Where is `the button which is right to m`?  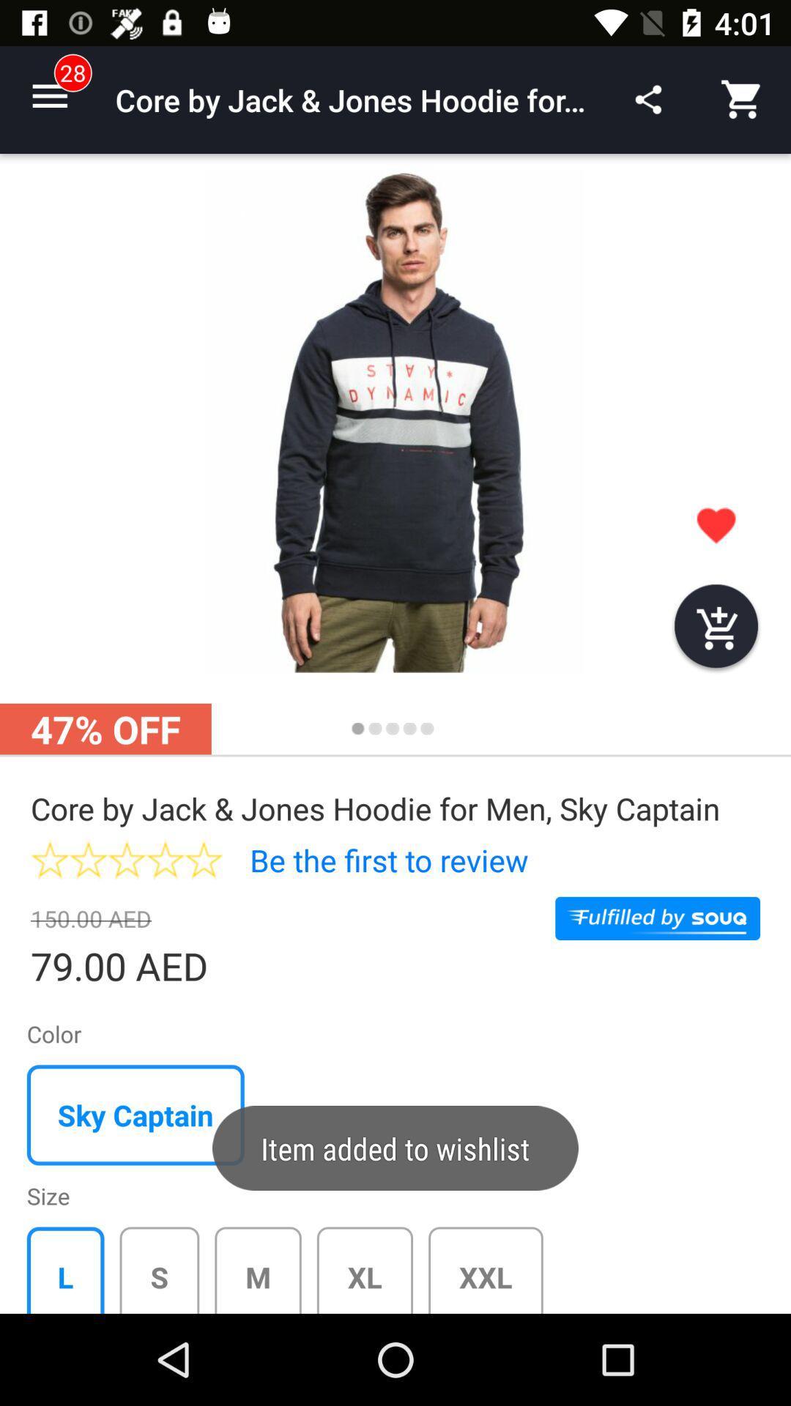 the button which is right to m is located at coordinates (372, 1269).